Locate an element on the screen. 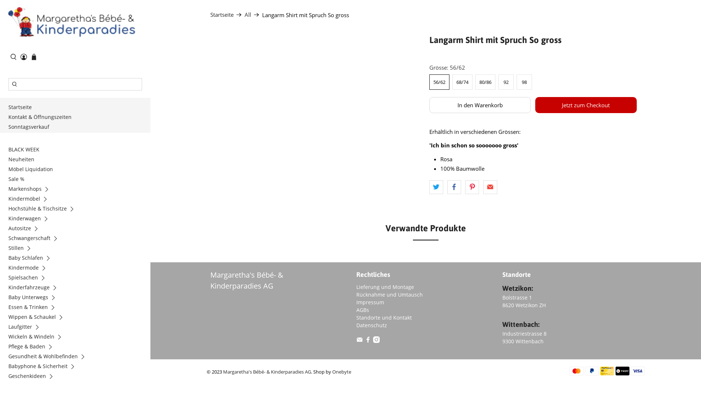 This screenshot has height=394, width=701. 'Wittenbach:' is located at coordinates (520, 324).